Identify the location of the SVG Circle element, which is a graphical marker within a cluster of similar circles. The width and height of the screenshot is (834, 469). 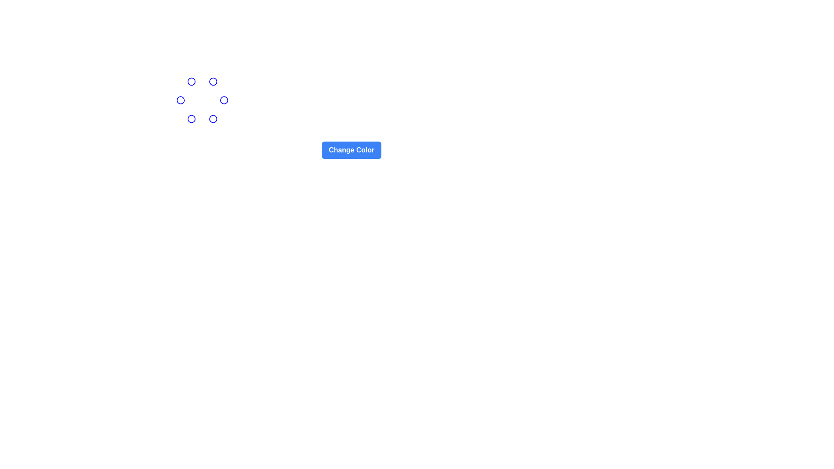
(213, 119).